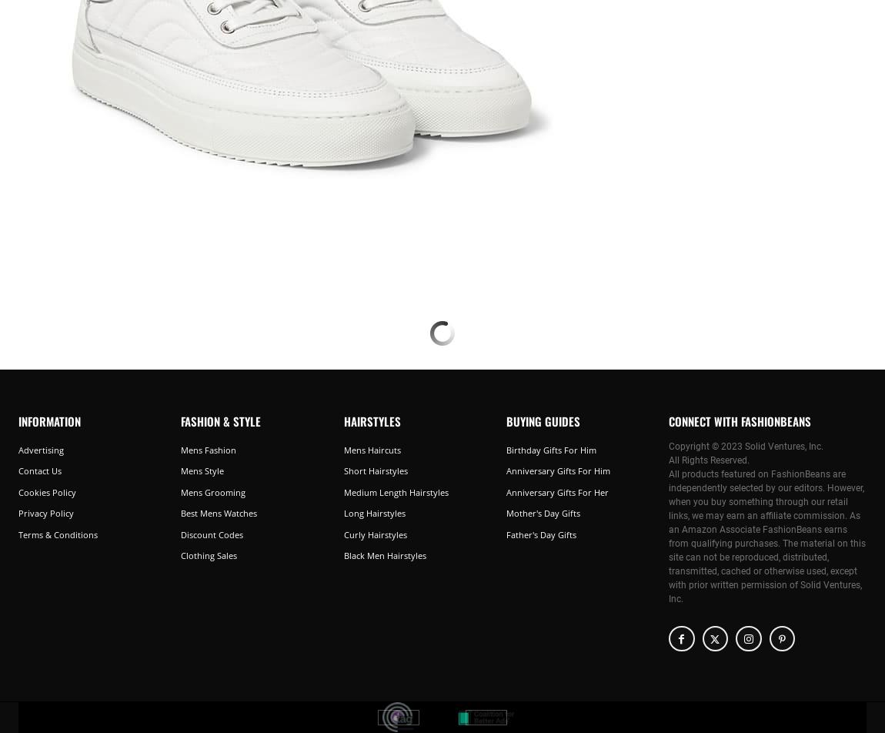 The image size is (885, 733). I want to click on 'Privacy Policy', so click(45, 513).